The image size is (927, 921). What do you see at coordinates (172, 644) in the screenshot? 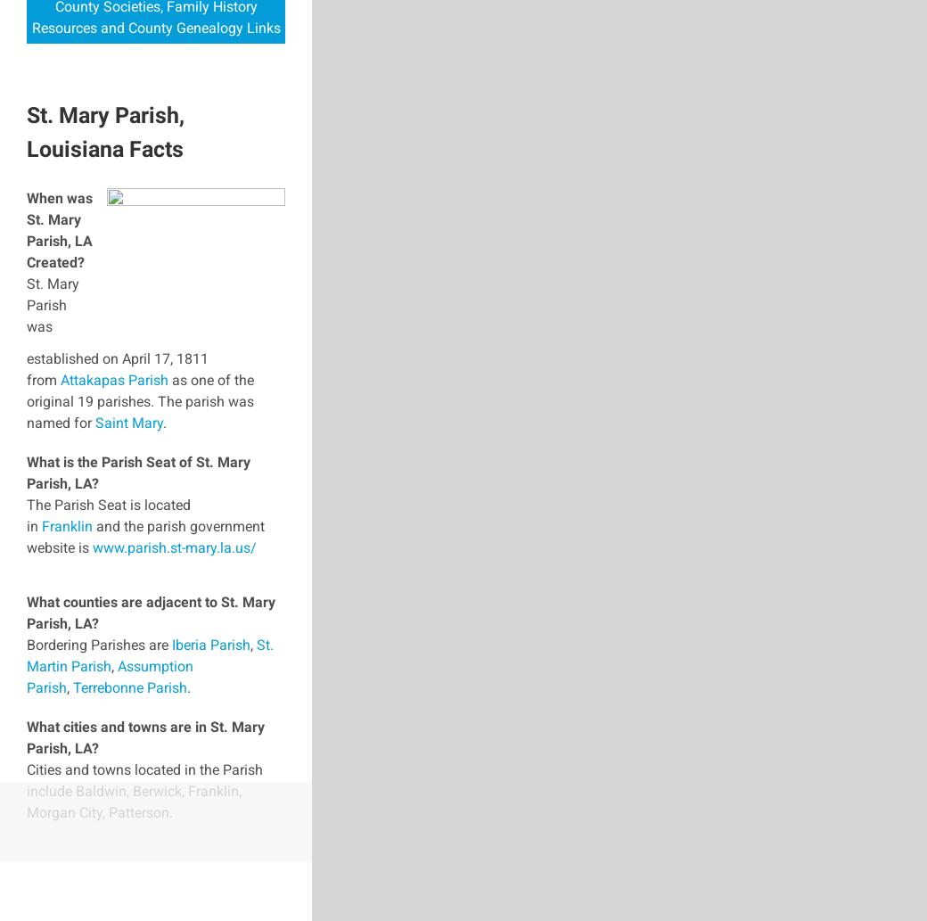
I see `'Iberia Parish'` at bounding box center [172, 644].